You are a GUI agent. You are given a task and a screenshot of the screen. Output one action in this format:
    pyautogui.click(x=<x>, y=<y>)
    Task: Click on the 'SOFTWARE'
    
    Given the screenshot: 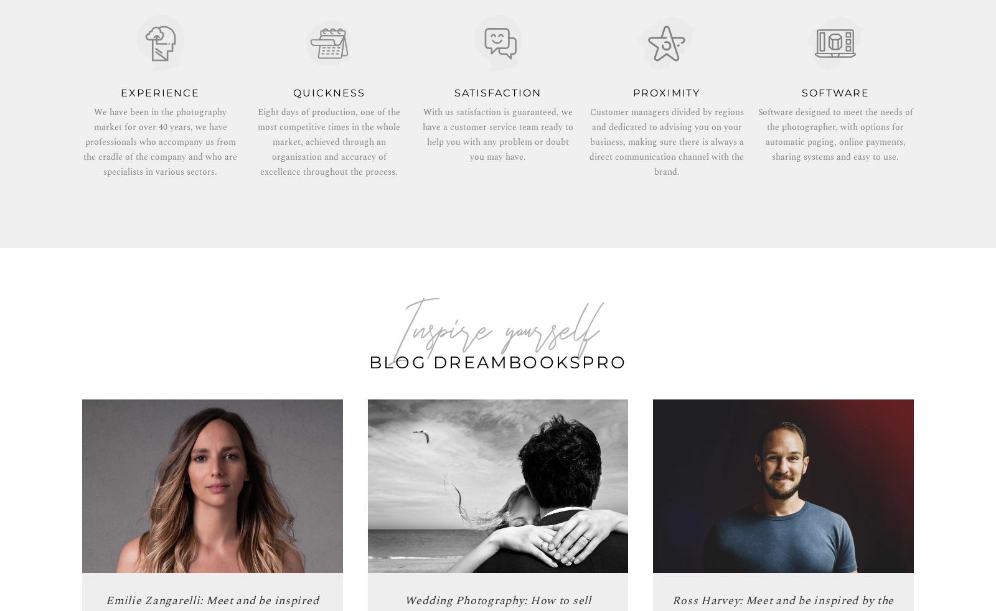 What is the action you would take?
    pyautogui.click(x=835, y=92)
    